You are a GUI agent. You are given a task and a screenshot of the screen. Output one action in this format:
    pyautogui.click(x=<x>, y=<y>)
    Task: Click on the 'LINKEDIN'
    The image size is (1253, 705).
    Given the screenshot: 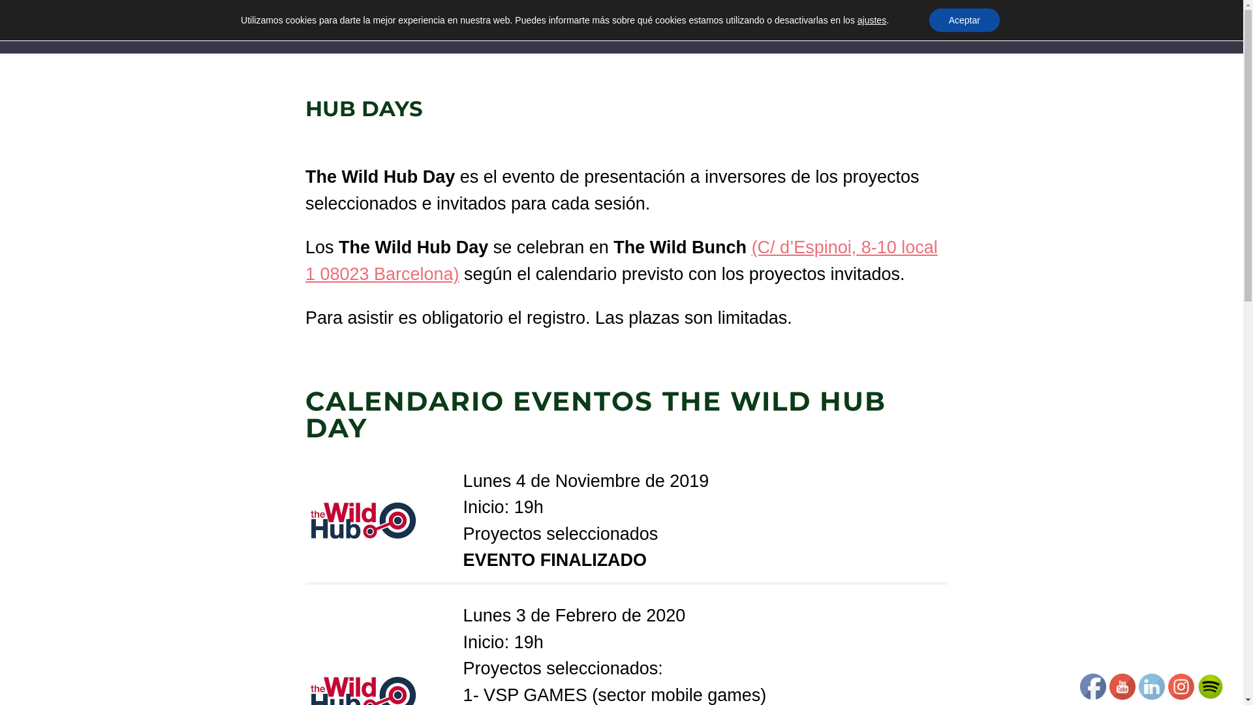 What is the action you would take?
    pyautogui.click(x=1152, y=686)
    